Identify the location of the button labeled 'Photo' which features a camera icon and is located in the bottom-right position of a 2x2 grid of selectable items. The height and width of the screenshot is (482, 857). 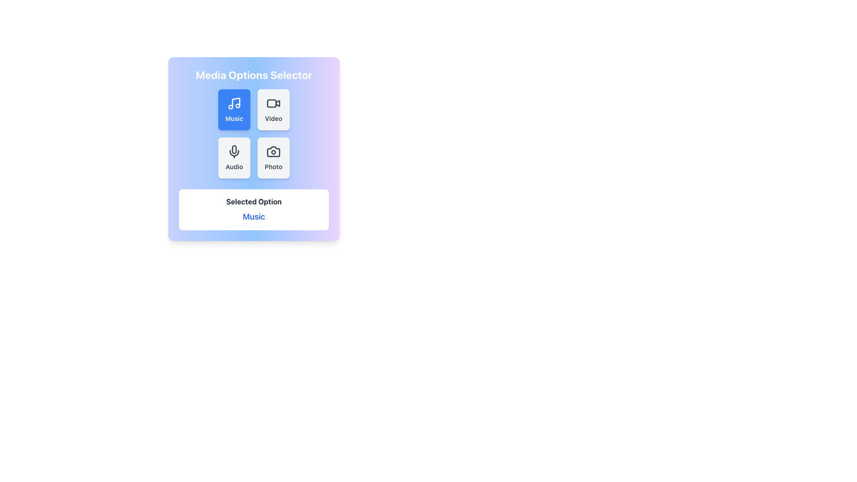
(273, 158).